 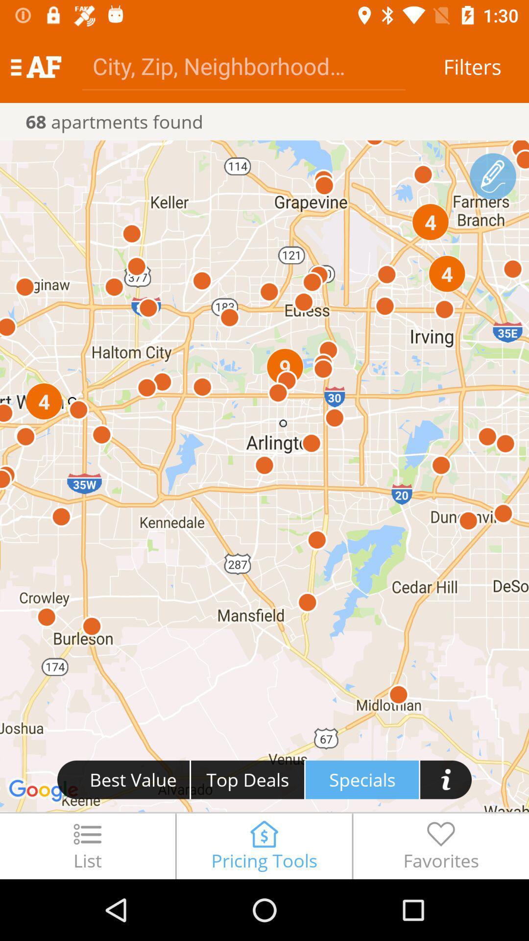 What do you see at coordinates (441, 845) in the screenshot?
I see `the item to the right of the pricing tools` at bounding box center [441, 845].